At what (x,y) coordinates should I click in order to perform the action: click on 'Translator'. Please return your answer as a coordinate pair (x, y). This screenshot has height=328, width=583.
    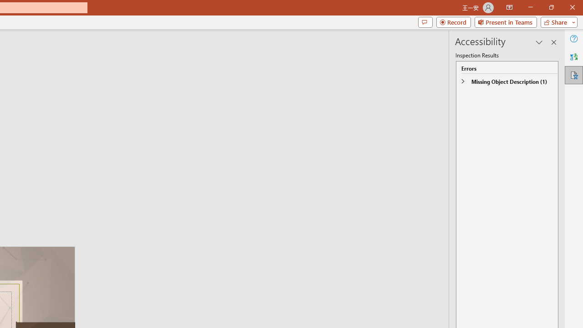
    Looking at the image, I should click on (573, 56).